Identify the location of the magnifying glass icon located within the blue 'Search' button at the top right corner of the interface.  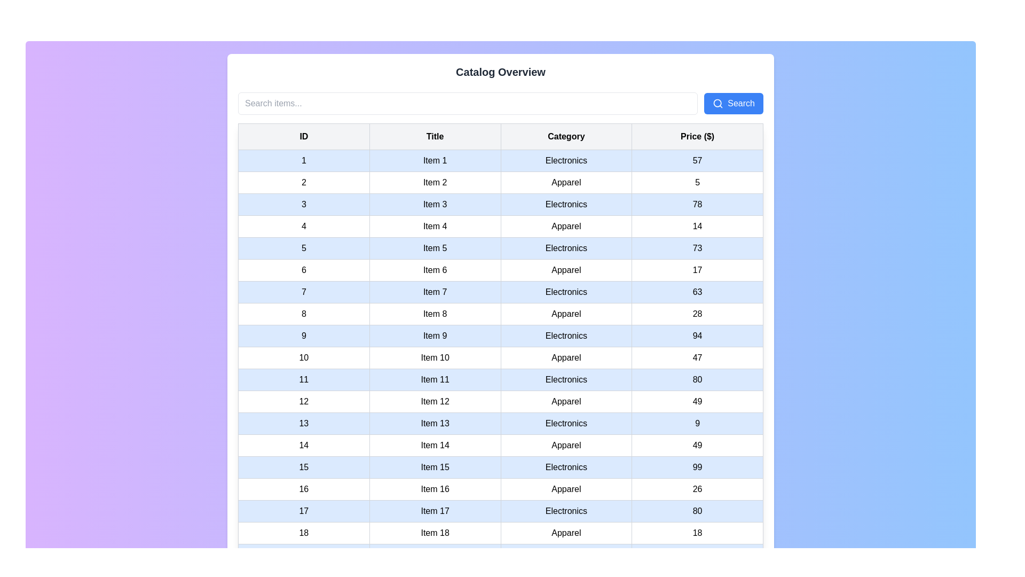
(718, 103).